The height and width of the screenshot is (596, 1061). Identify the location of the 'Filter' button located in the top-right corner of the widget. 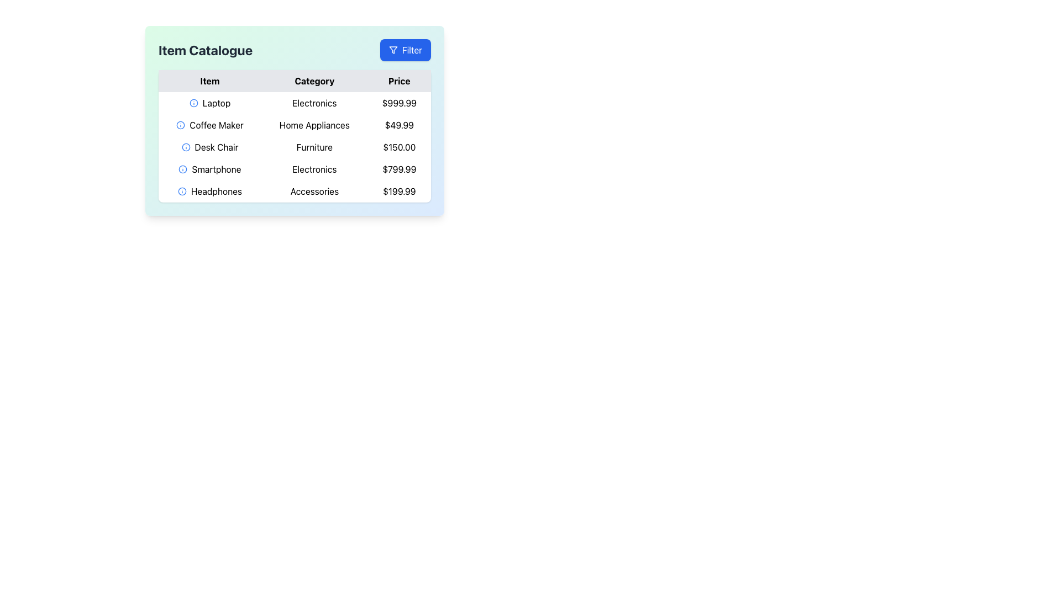
(393, 50).